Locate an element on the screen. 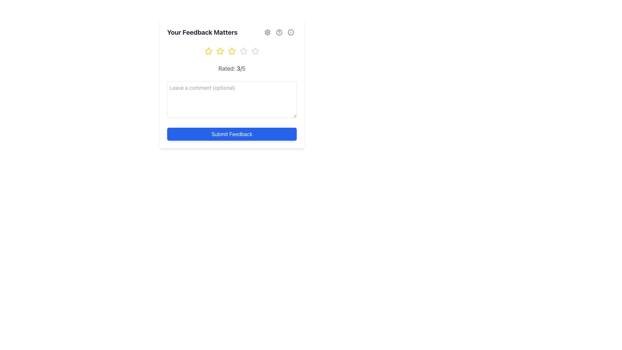 The width and height of the screenshot is (622, 350). the question mark icon button located in the top-right corner of the feedback interface is located at coordinates (279, 32).